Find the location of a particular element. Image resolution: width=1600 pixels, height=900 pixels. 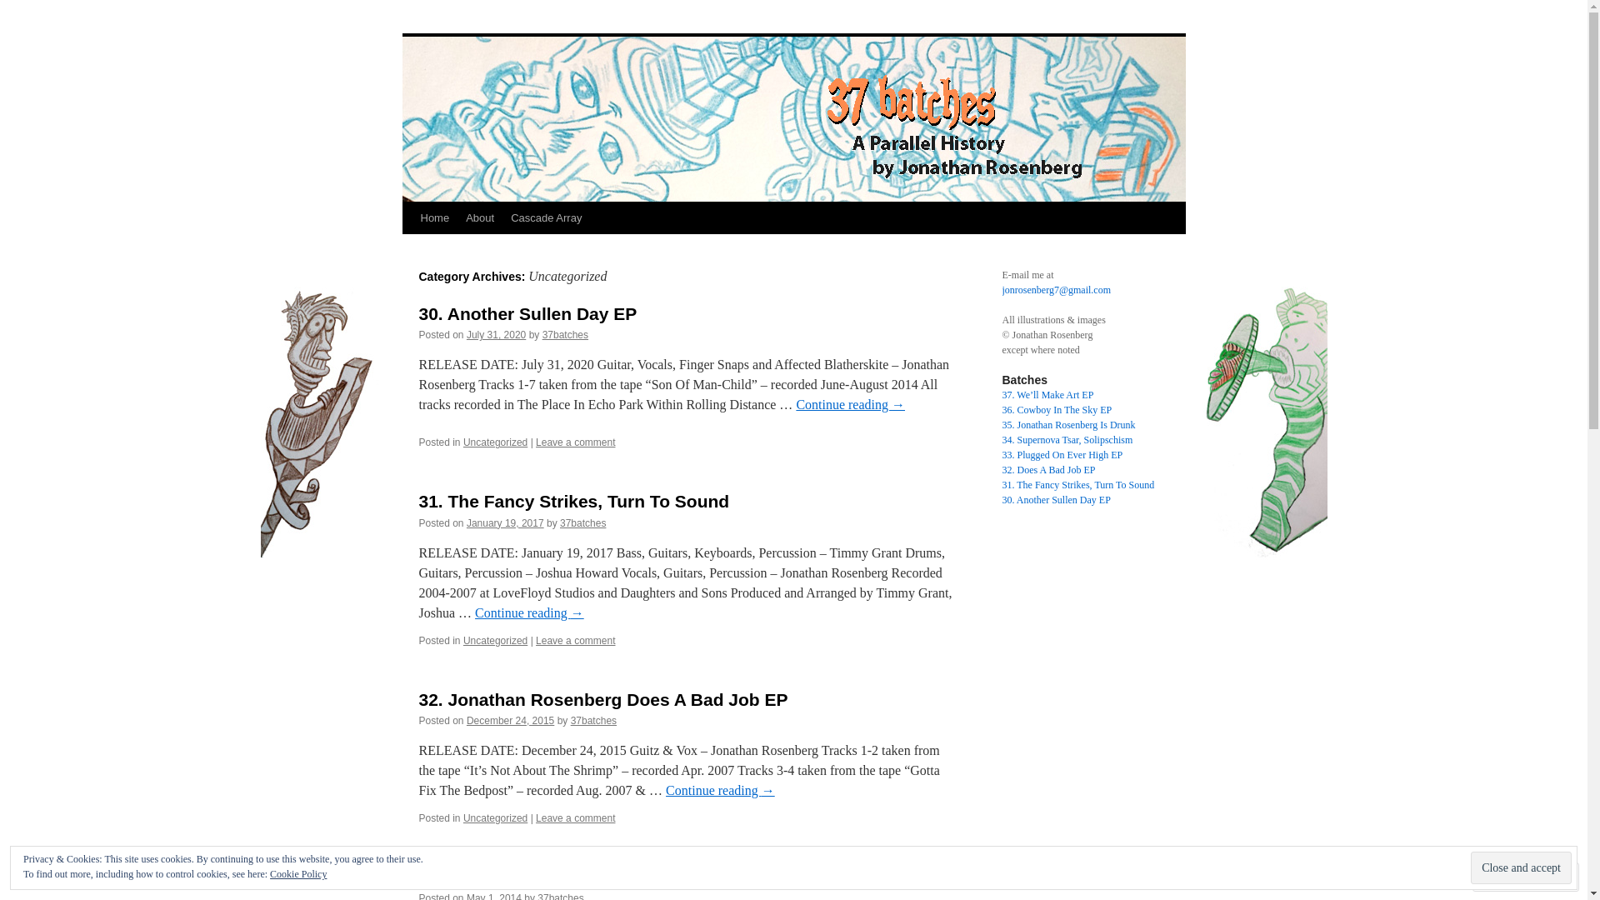

'December 24, 2015' is located at coordinates (509, 719).